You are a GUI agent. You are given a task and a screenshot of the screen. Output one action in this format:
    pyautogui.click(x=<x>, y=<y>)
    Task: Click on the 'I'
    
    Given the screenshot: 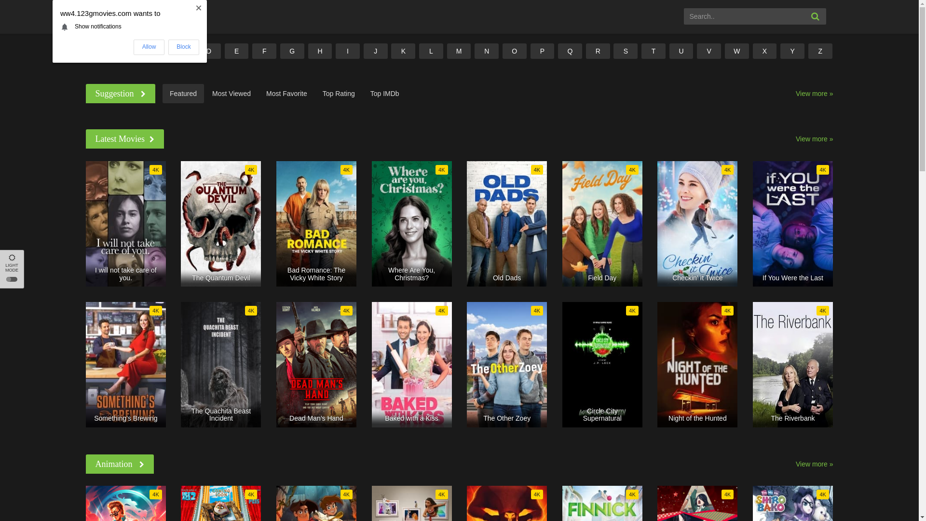 What is the action you would take?
    pyautogui.click(x=347, y=51)
    